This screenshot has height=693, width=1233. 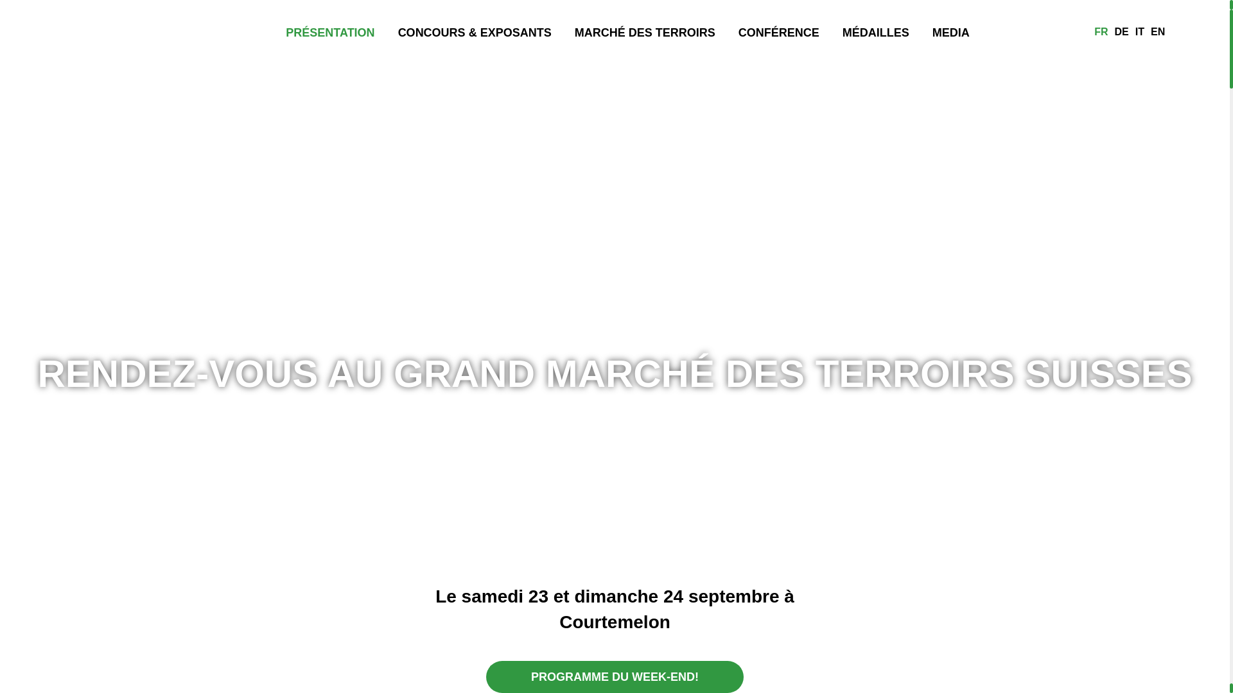 What do you see at coordinates (1140, 31) in the screenshot?
I see `'IT'` at bounding box center [1140, 31].